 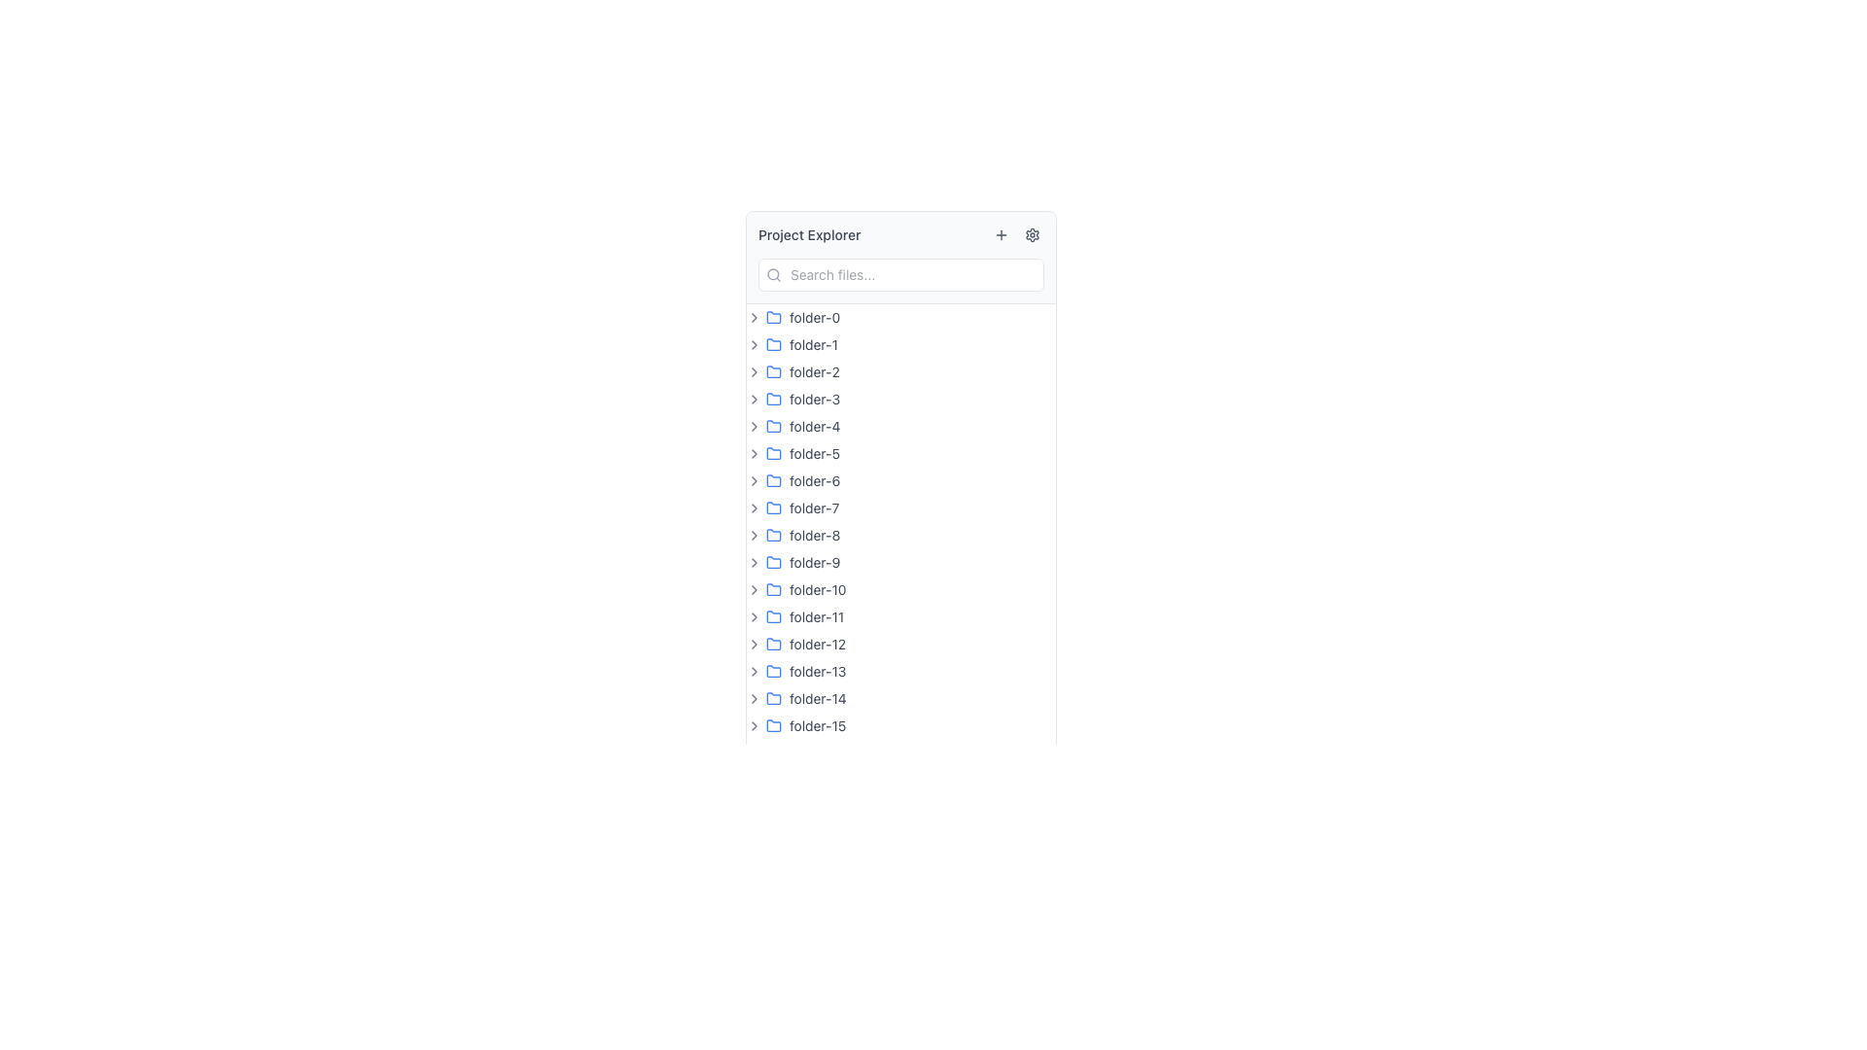 What do you see at coordinates (754, 426) in the screenshot?
I see `the chevron icon` at bounding box center [754, 426].